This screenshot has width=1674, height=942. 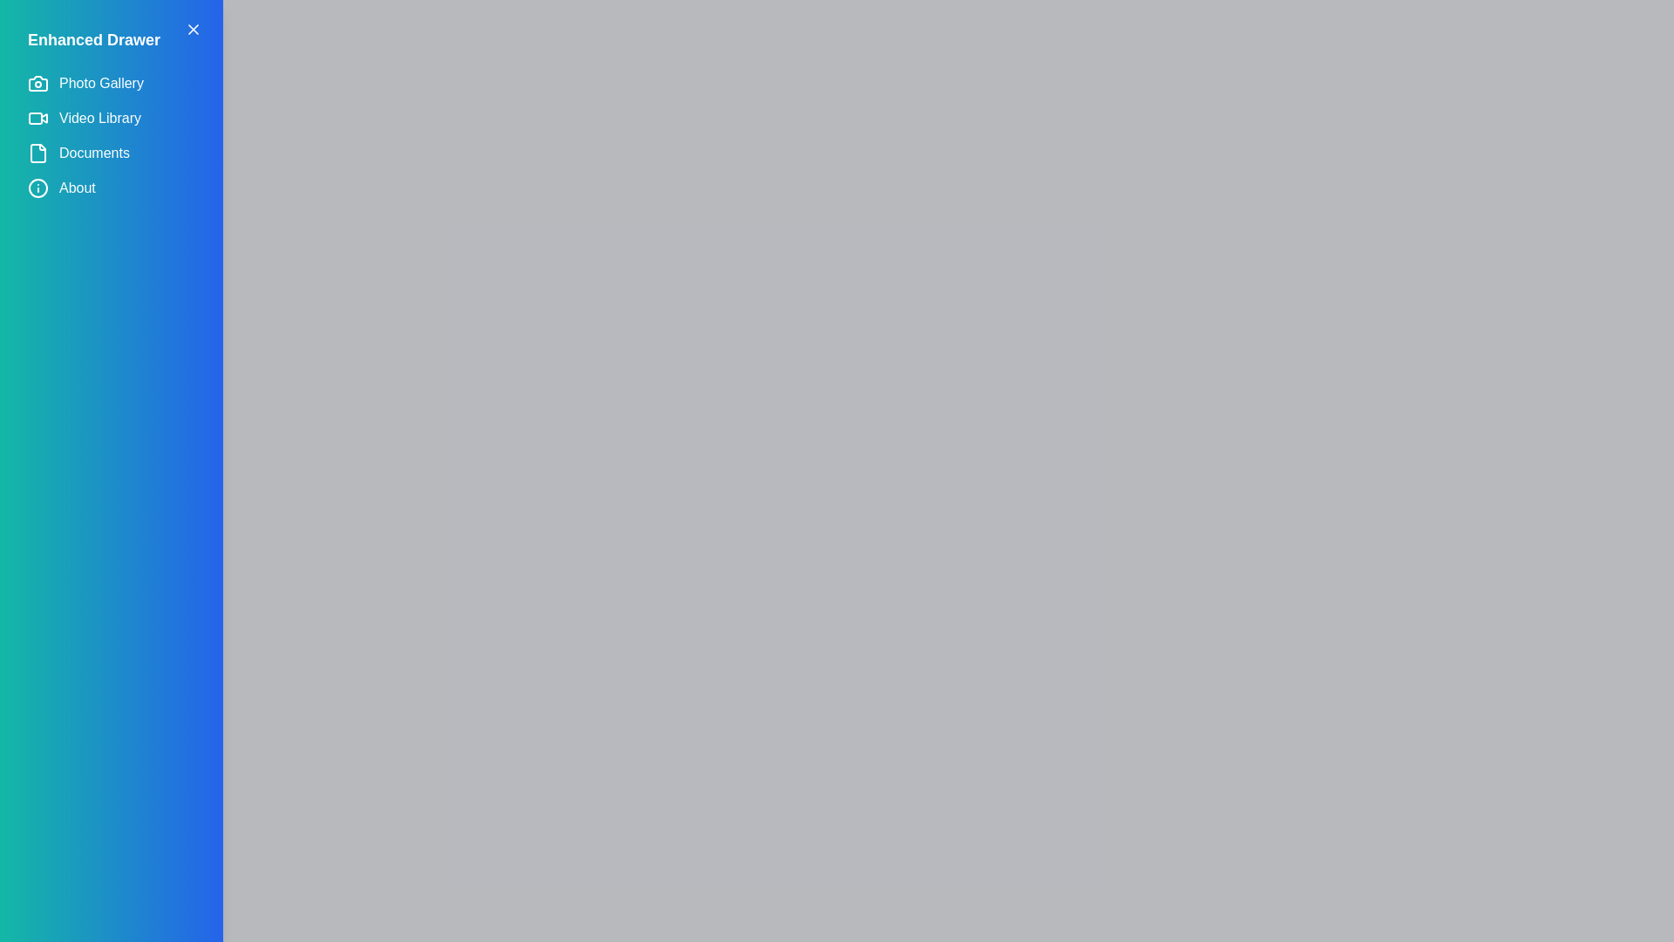 I want to click on the 'X' icon in the top-right corner of the sidebar, so click(x=193, y=30).